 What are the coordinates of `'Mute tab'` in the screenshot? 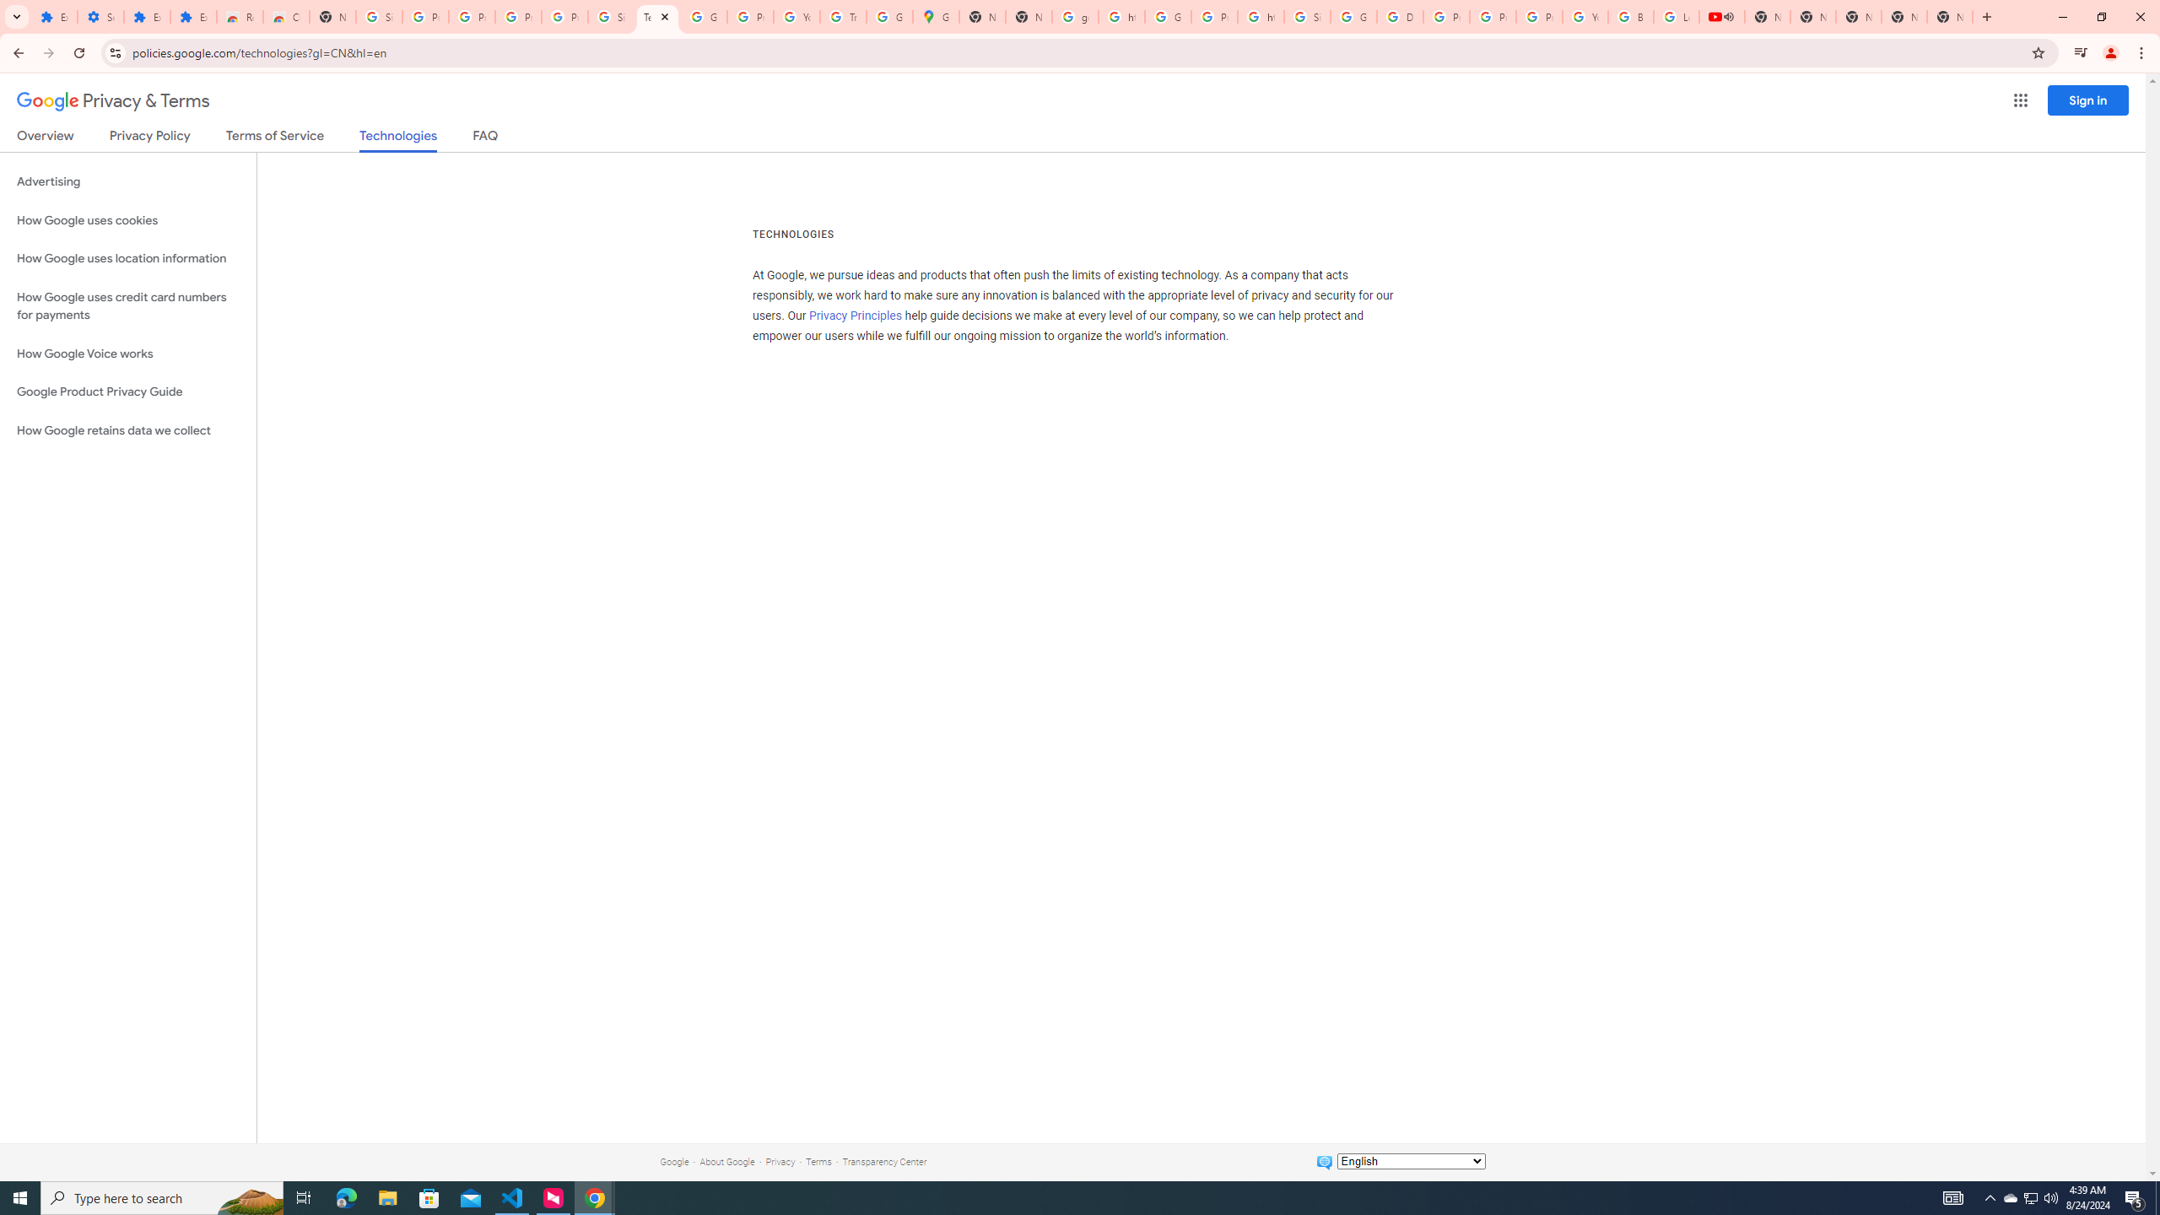 It's located at (1729, 16).